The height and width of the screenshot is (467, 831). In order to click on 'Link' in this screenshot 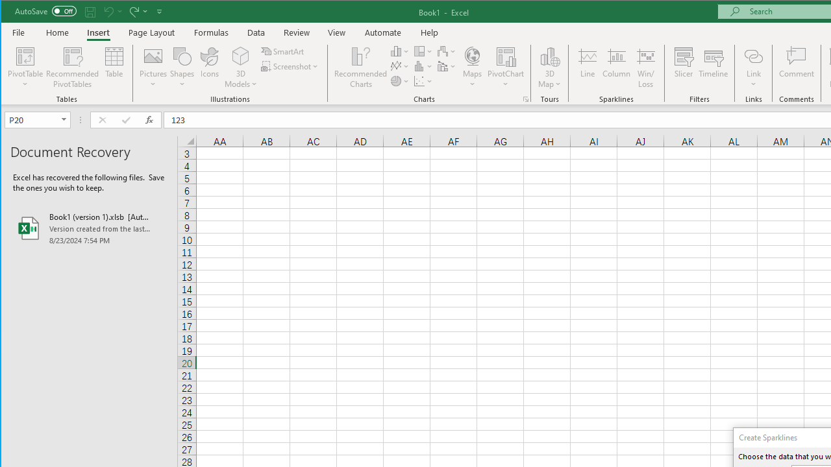, I will do `click(753, 55)`.